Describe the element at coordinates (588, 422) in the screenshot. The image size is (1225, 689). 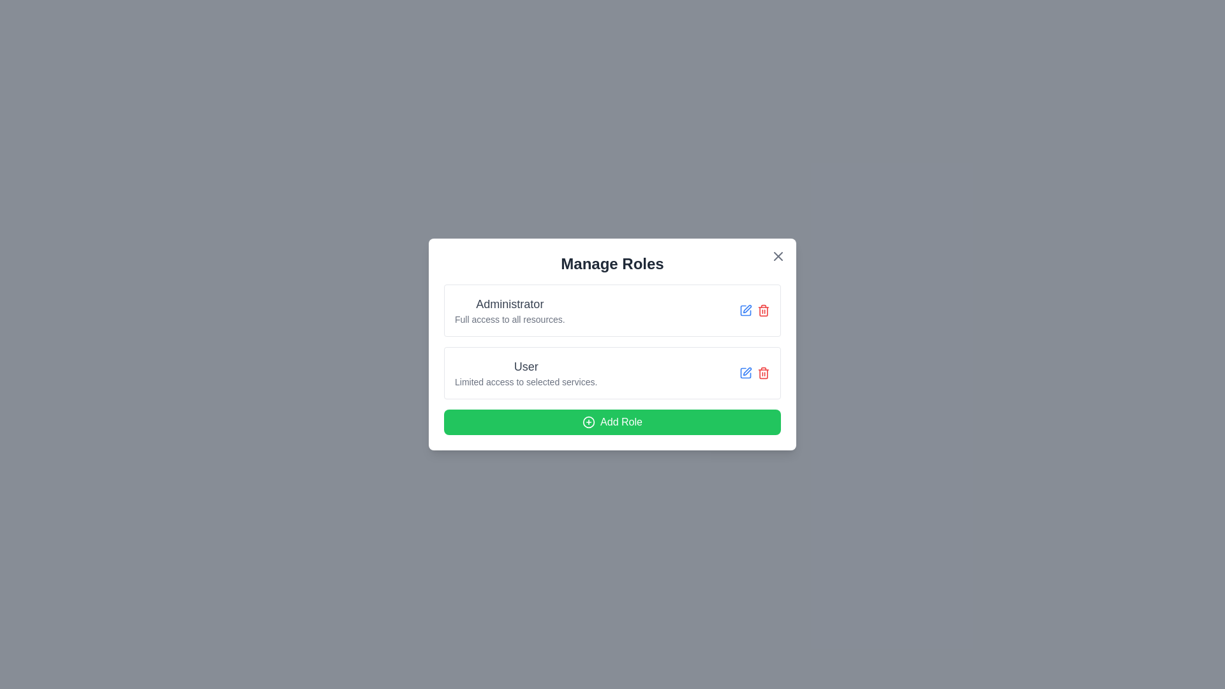
I see `the addition icon located at the center of the green 'Add Role' button in the modal dialog` at that location.